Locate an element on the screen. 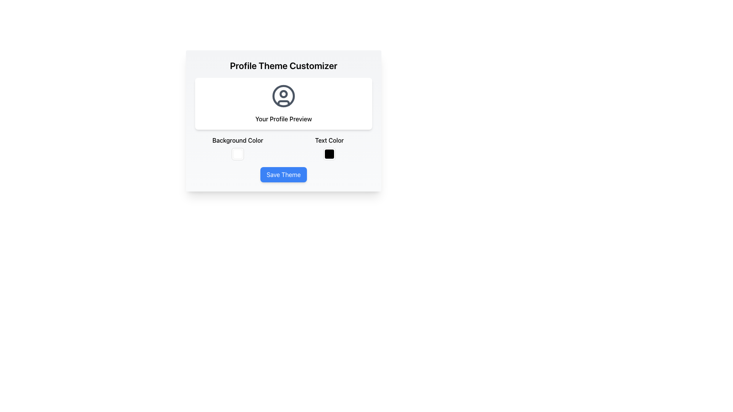  the text header that reads 'Profile Theme Customizer', which is styled in bold and large font, located at the top of the card-like layout is located at coordinates (283, 65).